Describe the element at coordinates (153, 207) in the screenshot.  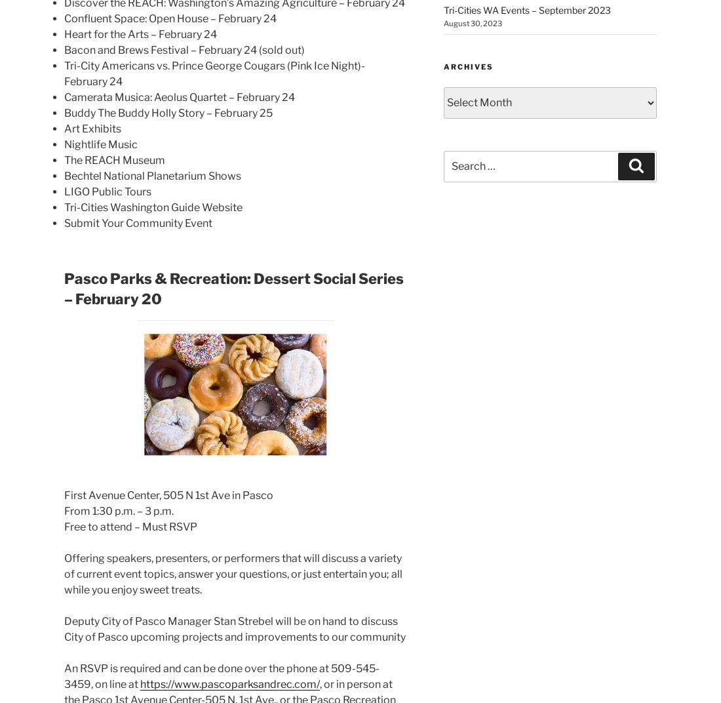
I see `'Tri-Cities Washington Guide Website'` at that location.